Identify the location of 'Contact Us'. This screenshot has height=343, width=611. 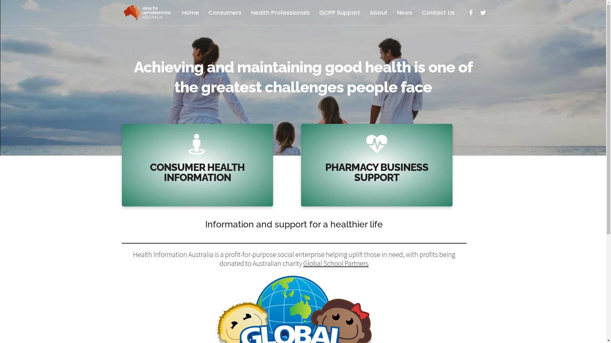
(438, 12).